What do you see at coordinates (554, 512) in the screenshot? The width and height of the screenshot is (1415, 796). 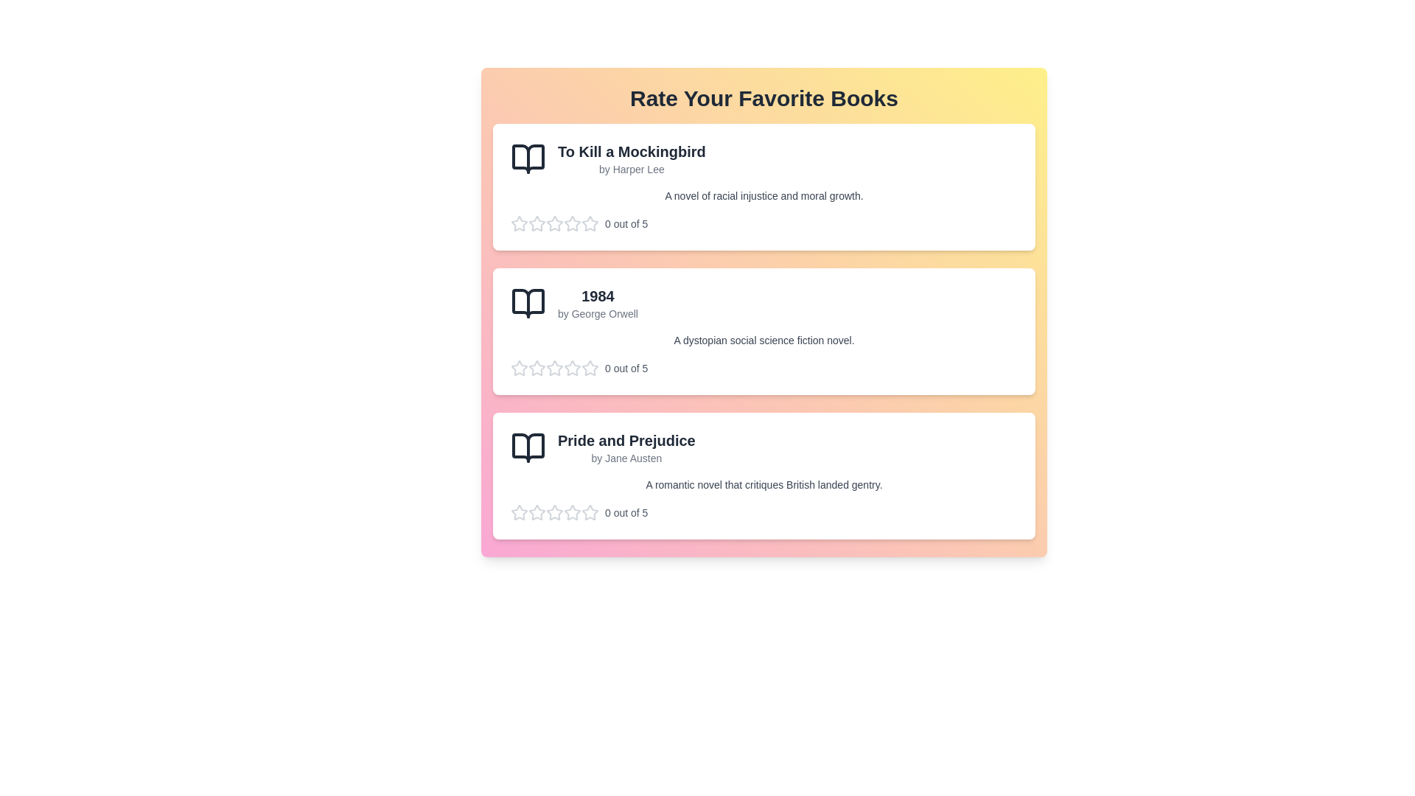 I see `the first star icon` at bounding box center [554, 512].